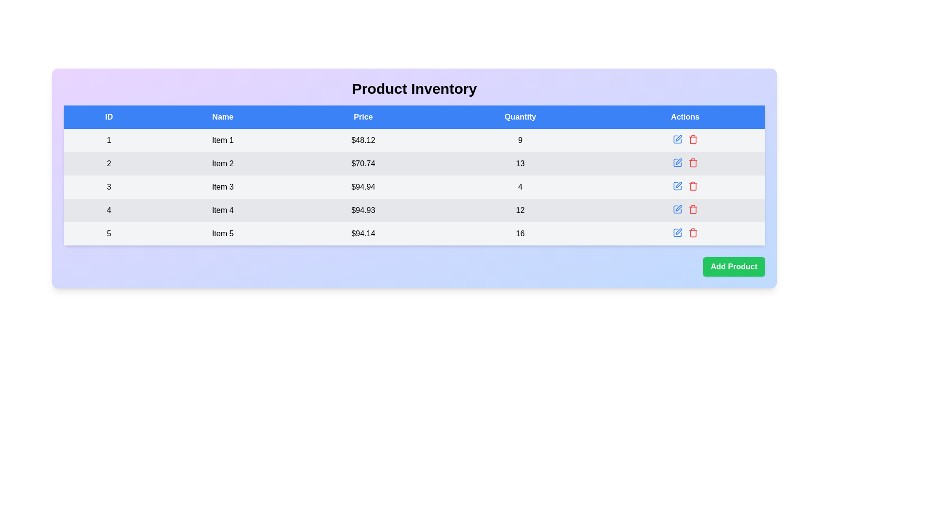  Describe the element at coordinates (362, 210) in the screenshot. I see `the price label for 'Item 4' located in the fourth row of the table under the 'Price' column` at that location.